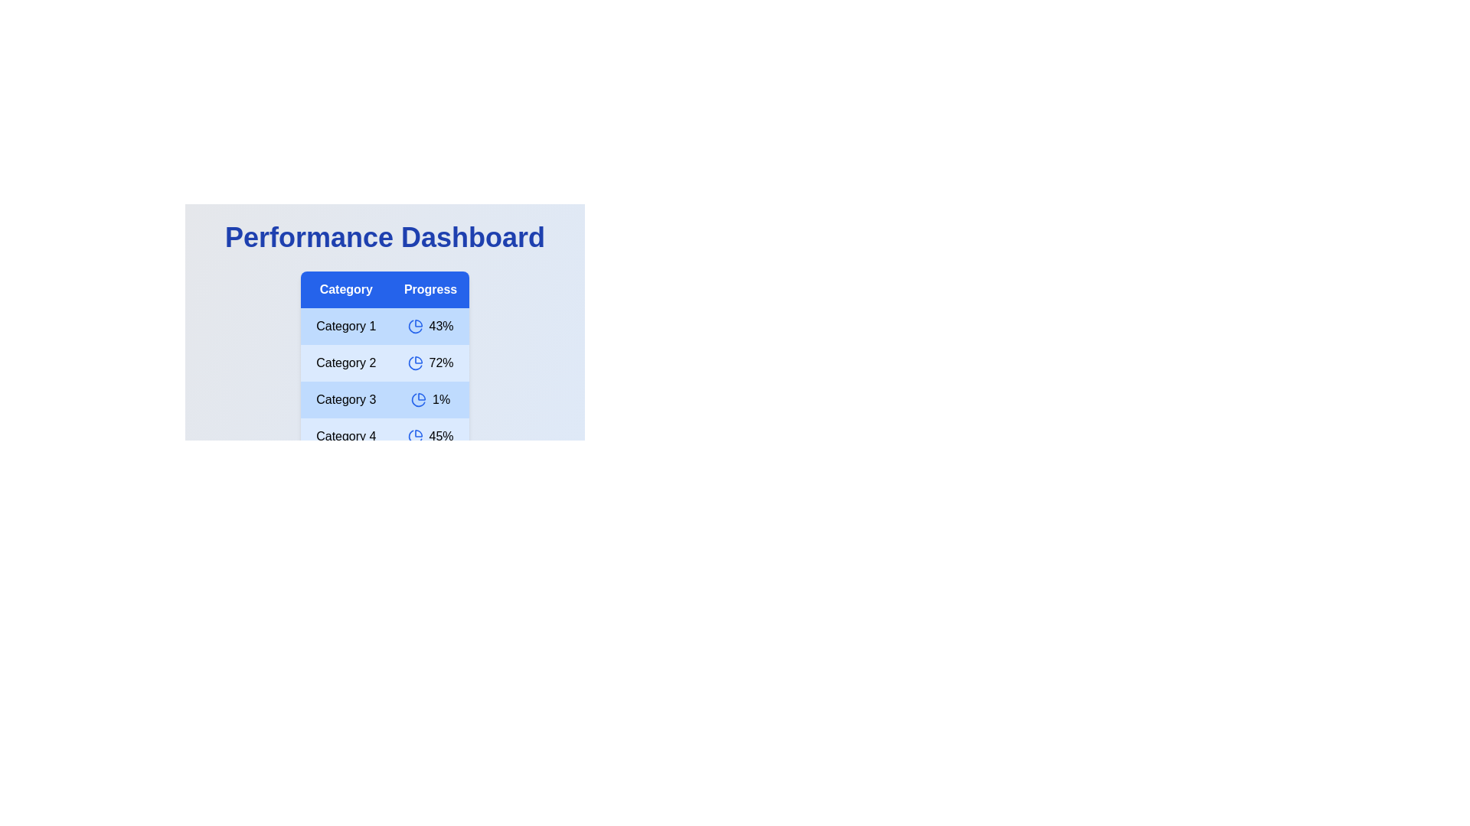 This screenshot has width=1470, height=826. I want to click on the pie chart icons for Category 3 category, so click(419, 399).